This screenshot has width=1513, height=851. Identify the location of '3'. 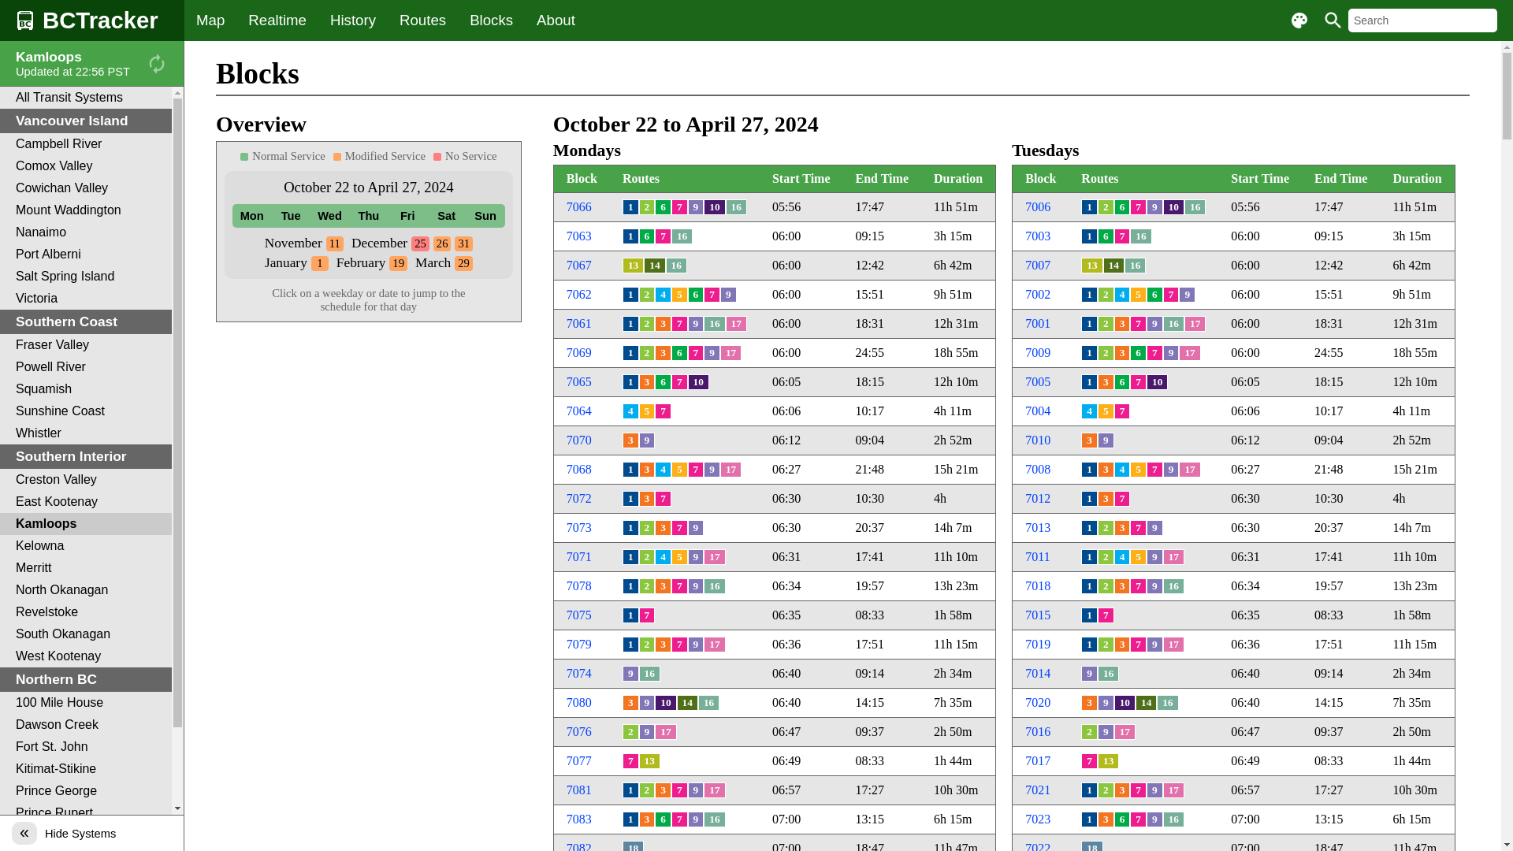
(647, 382).